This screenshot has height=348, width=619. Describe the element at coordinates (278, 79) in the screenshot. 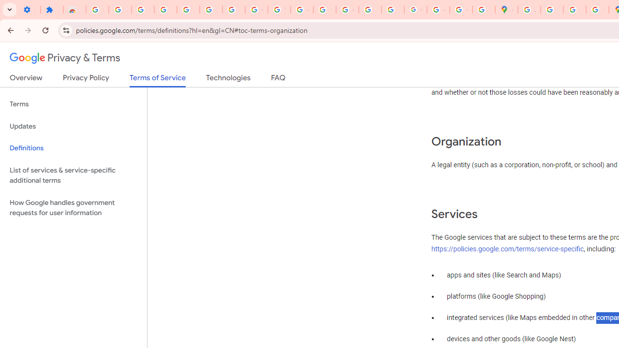

I see `'FAQ'` at that location.